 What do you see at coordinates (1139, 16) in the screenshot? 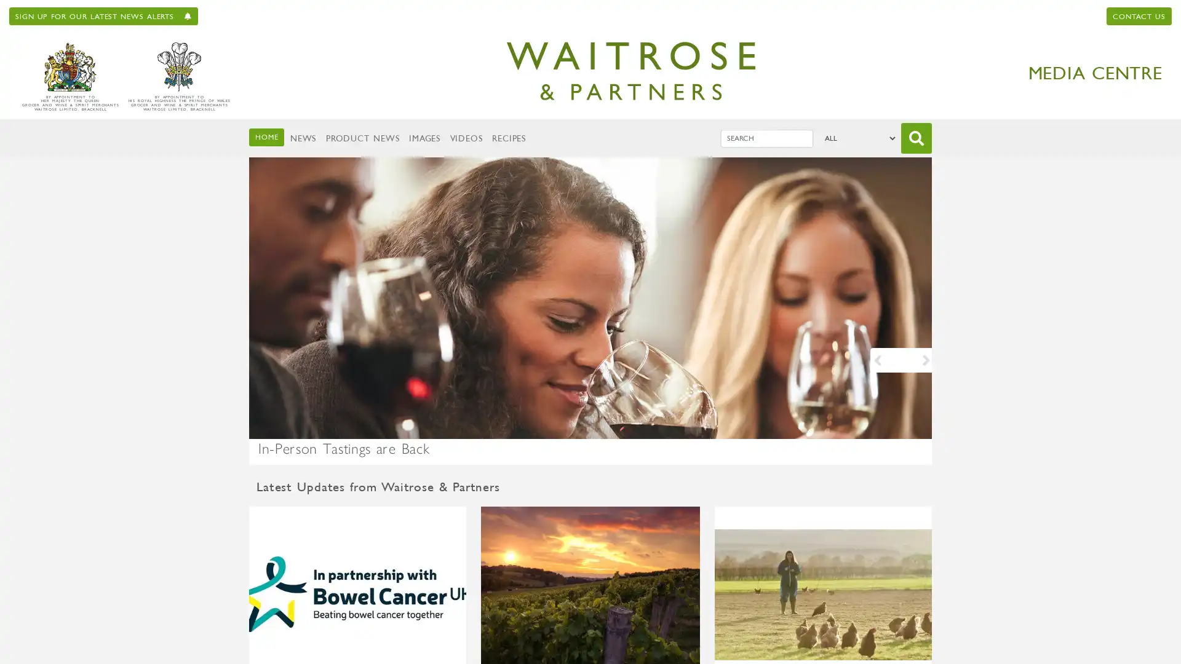
I see `CONTACT US` at bounding box center [1139, 16].